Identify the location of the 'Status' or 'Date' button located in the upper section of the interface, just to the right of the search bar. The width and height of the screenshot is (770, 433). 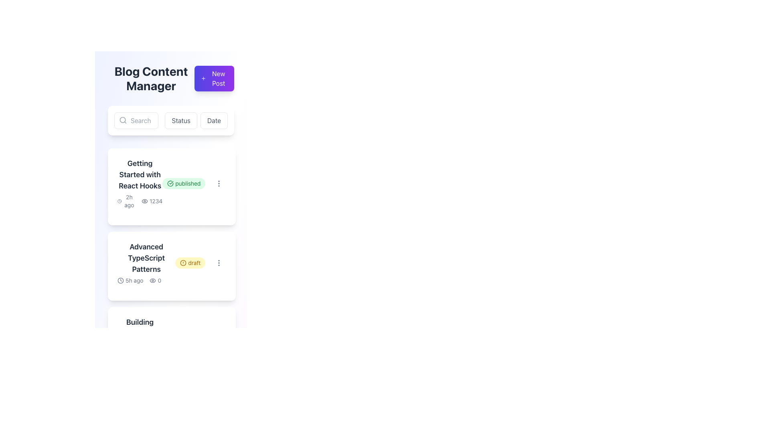
(196, 120).